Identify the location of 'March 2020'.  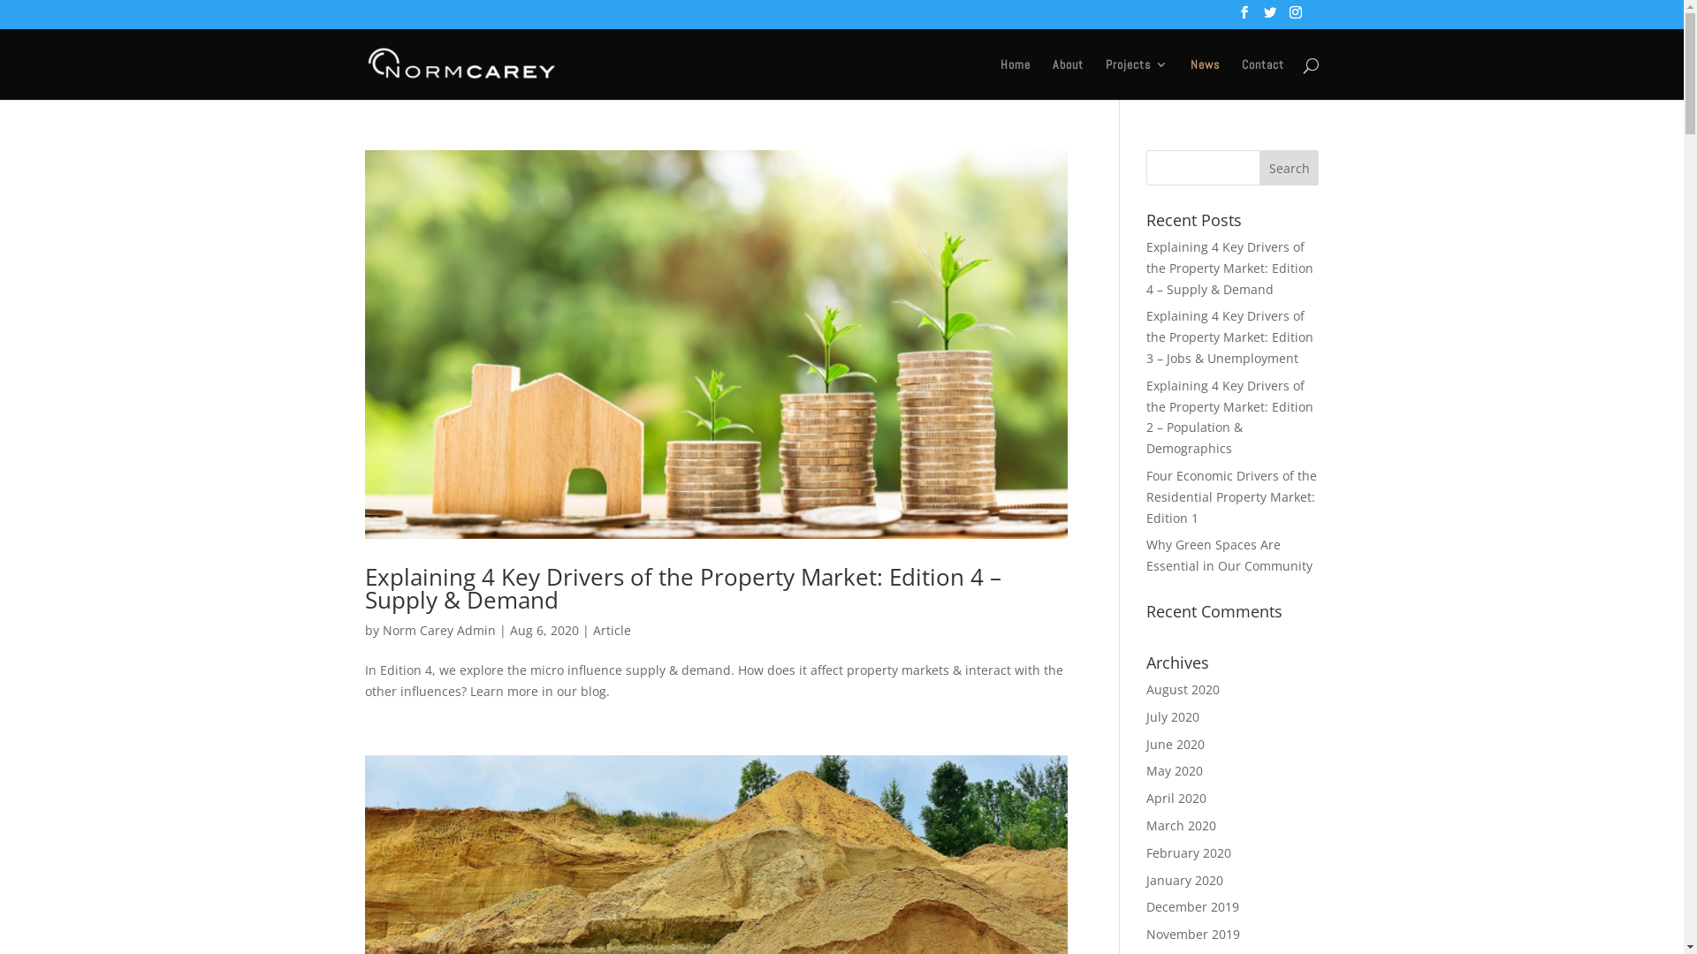
(1181, 825).